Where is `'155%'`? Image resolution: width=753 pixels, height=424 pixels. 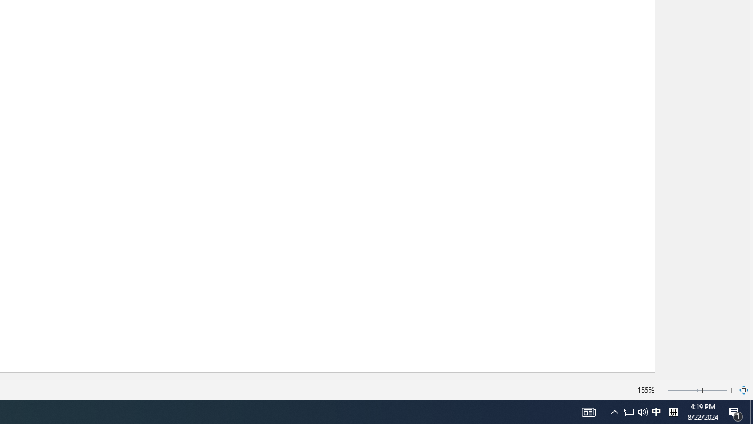 '155%' is located at coordinates (645, 390).